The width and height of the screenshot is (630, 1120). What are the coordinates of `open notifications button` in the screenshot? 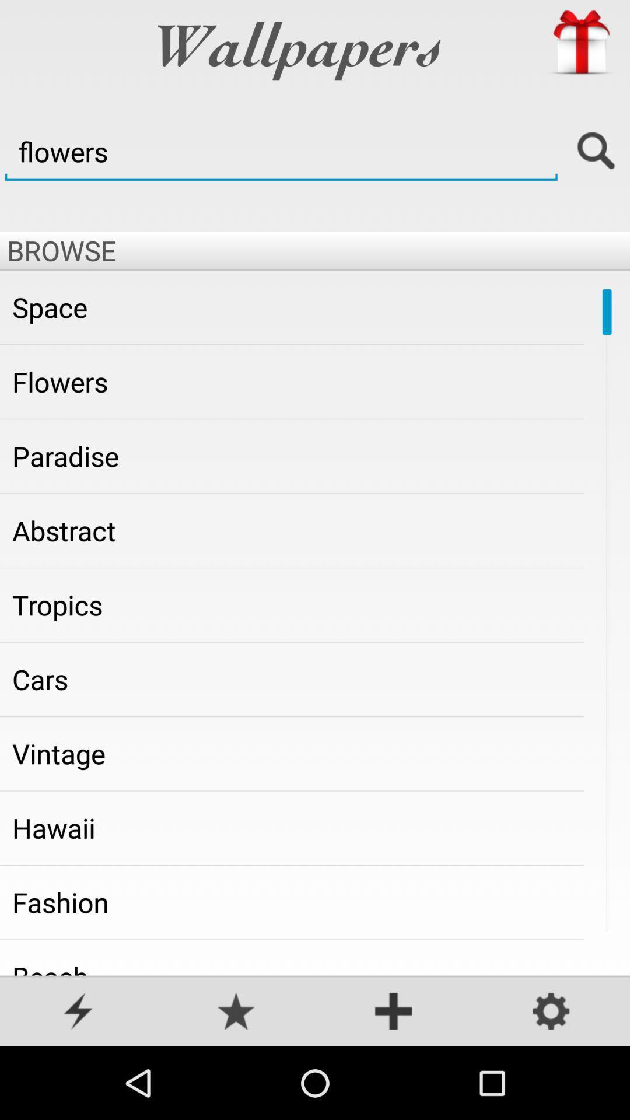 It's located at (79, 1012).